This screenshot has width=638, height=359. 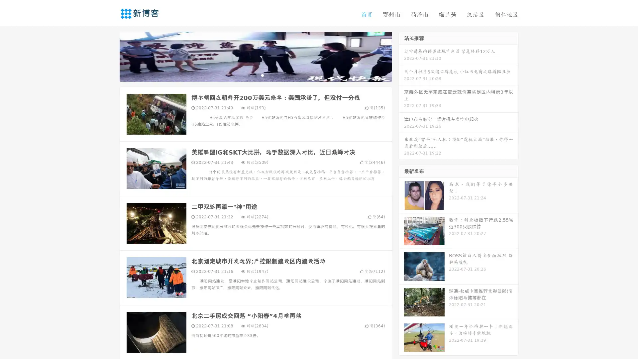 What do you see at coordinates (249, 75) in the screenshot?
I see `Go to slide 1` at bounding box center [249, 75].